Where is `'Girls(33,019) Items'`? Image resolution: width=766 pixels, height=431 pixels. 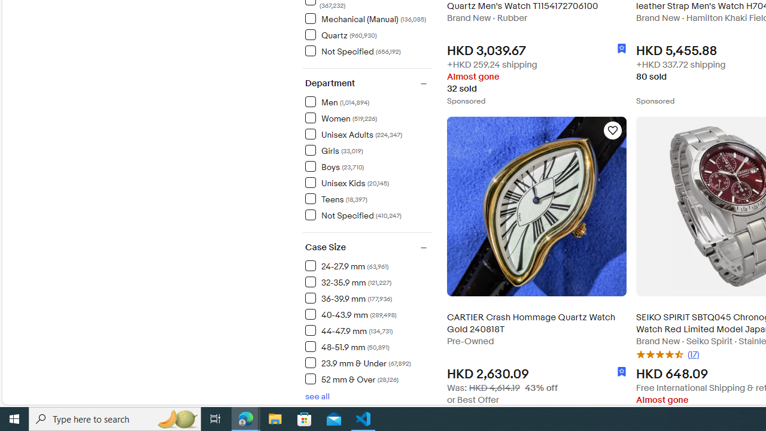 'Girls(33,019) Items' is located at coordinates (367, 149).